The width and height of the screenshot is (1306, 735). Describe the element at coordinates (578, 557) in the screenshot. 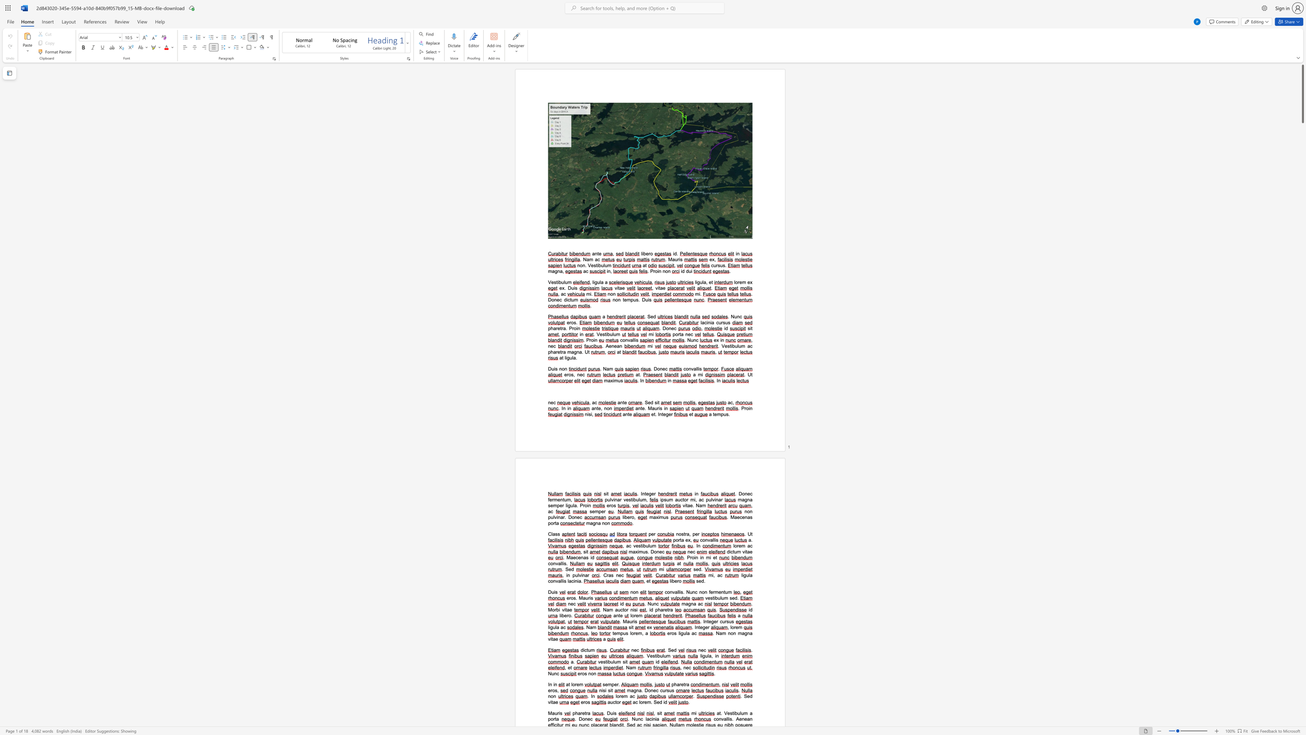

I see `the space between the continuous character "c" and "e" in the text` at that location.